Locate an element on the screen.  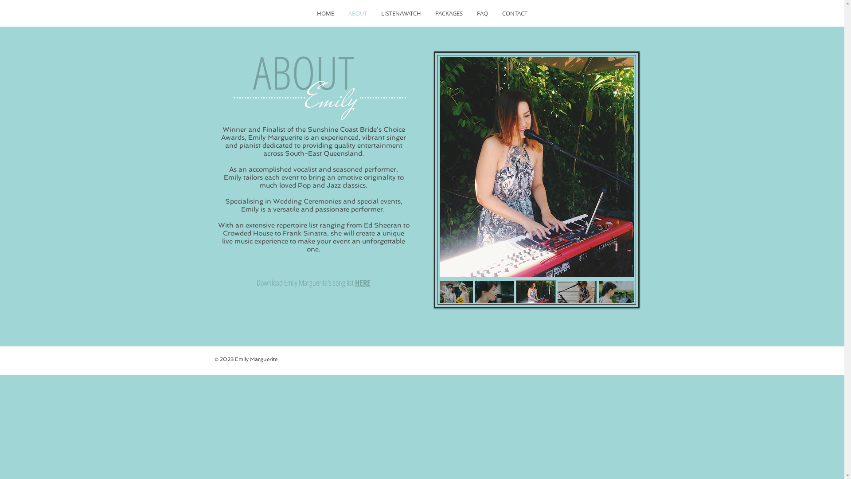
'ABOUT' is located at coordinates (357, 13).